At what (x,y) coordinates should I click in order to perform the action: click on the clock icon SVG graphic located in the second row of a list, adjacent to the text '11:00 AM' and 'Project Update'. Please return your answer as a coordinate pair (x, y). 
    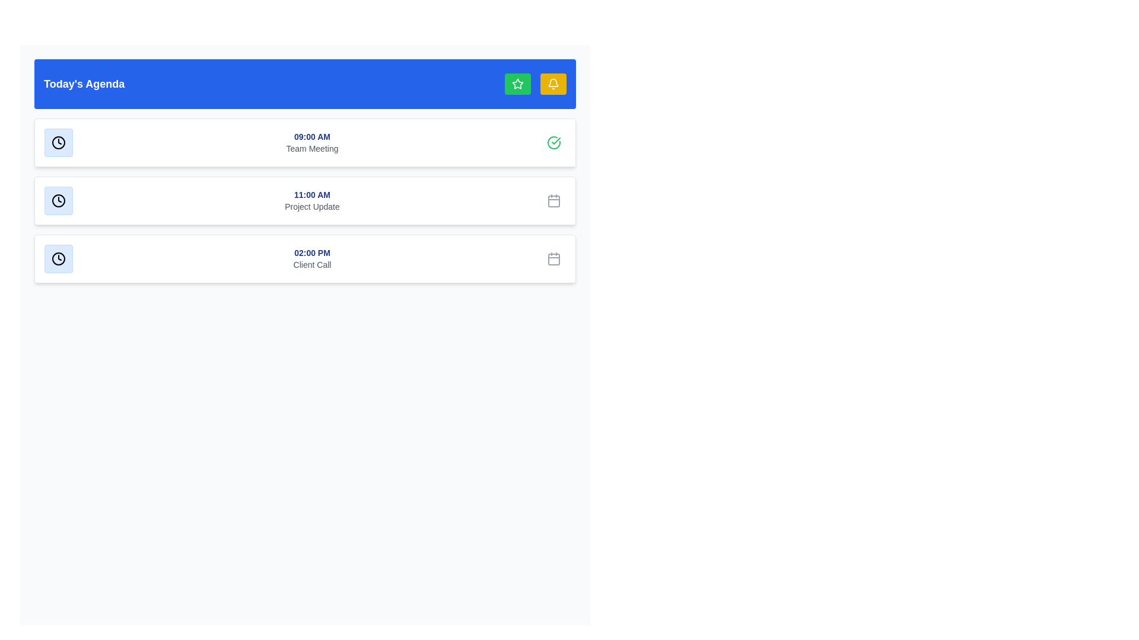
    Looking at the image, I should click on (58, 200).